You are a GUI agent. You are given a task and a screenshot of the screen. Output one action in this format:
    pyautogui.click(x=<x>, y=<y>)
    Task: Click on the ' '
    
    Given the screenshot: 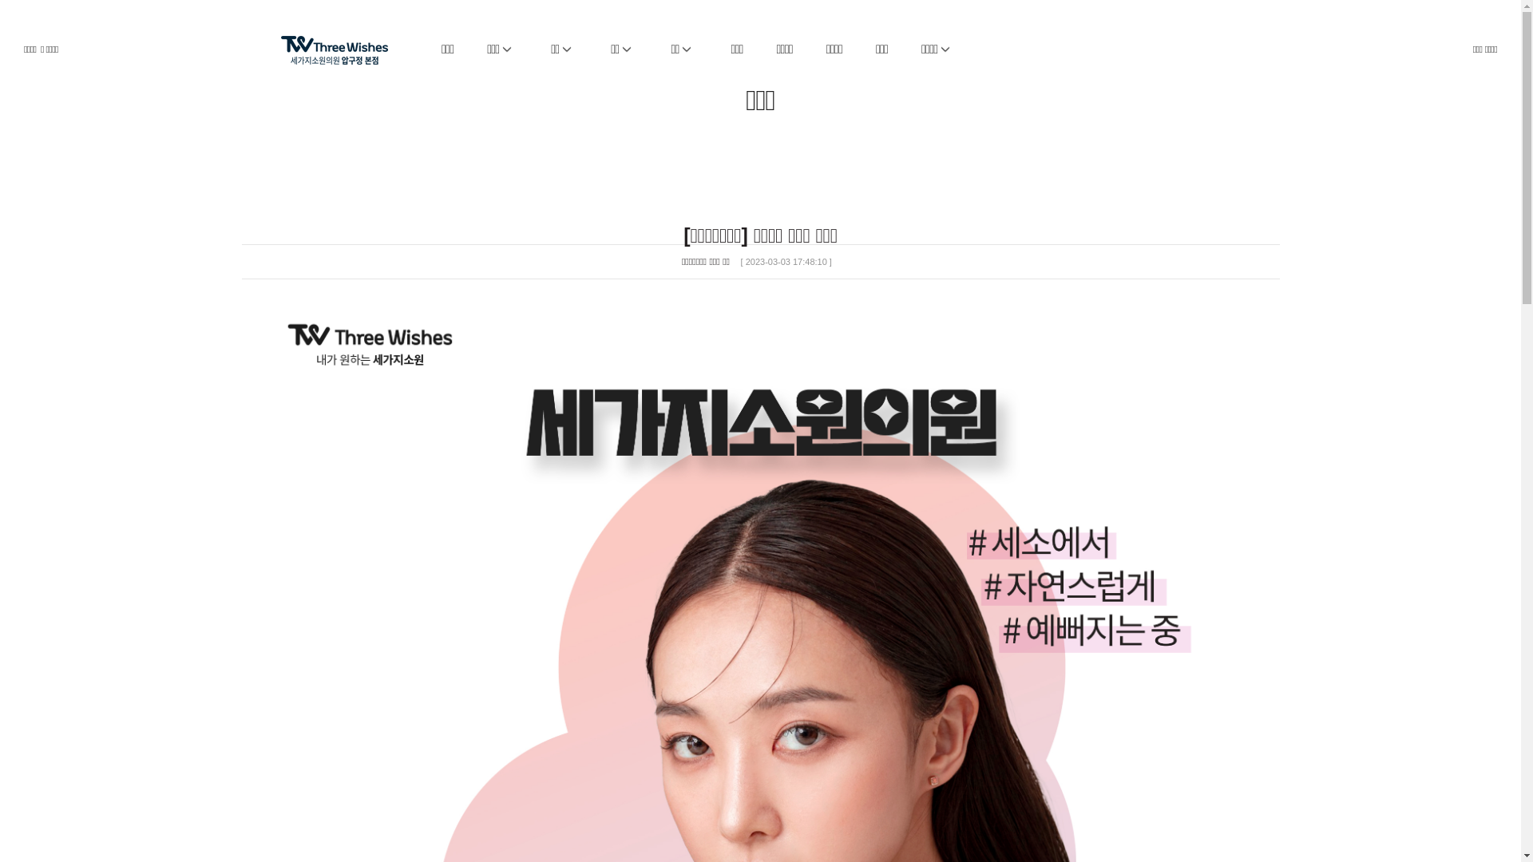 What is the action you would take?
    pyautogui.click(x=279, y=40)
    